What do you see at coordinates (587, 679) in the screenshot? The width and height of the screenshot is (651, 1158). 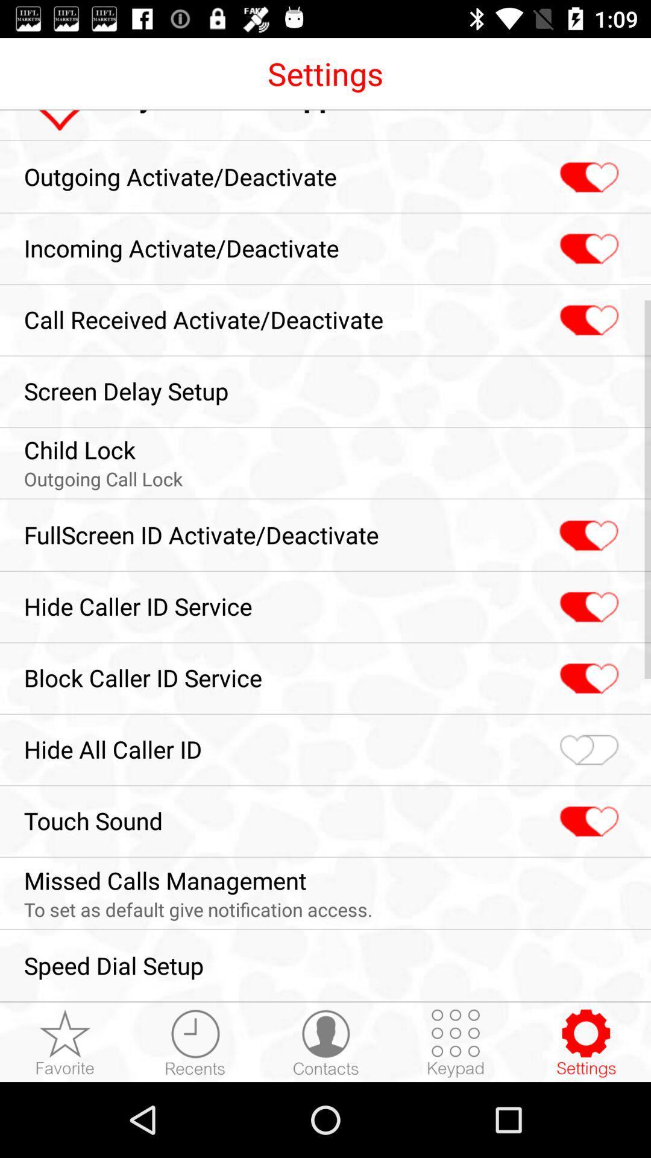 I see `the favorite icon` at bounding box center [587, 679].